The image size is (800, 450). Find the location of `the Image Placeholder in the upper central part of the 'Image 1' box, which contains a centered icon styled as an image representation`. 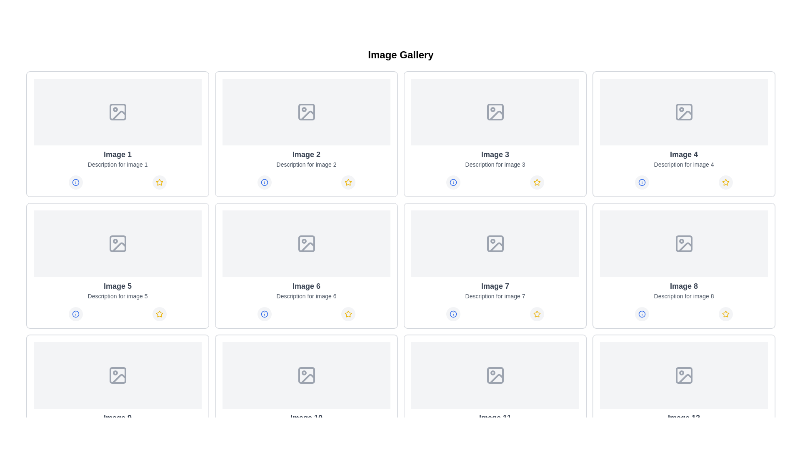

the Image Placeholder in the upper central part of the 'Image 1' box, which contains a centered icon styled as an image representation is located at coordinates (117, 112).